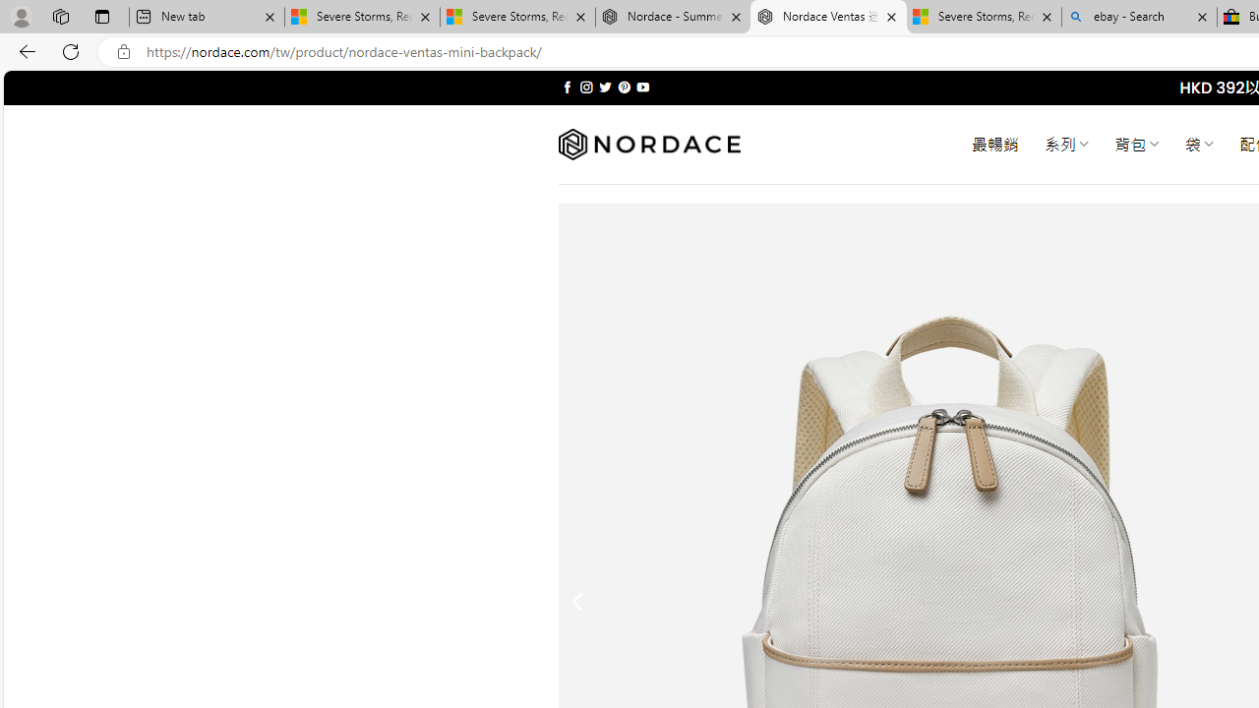 This screenshot has width=1259, height=708. Describe the element at coordinates (623, 87) in the screenshot. I see `'Follow on Pinterest'` at that location.